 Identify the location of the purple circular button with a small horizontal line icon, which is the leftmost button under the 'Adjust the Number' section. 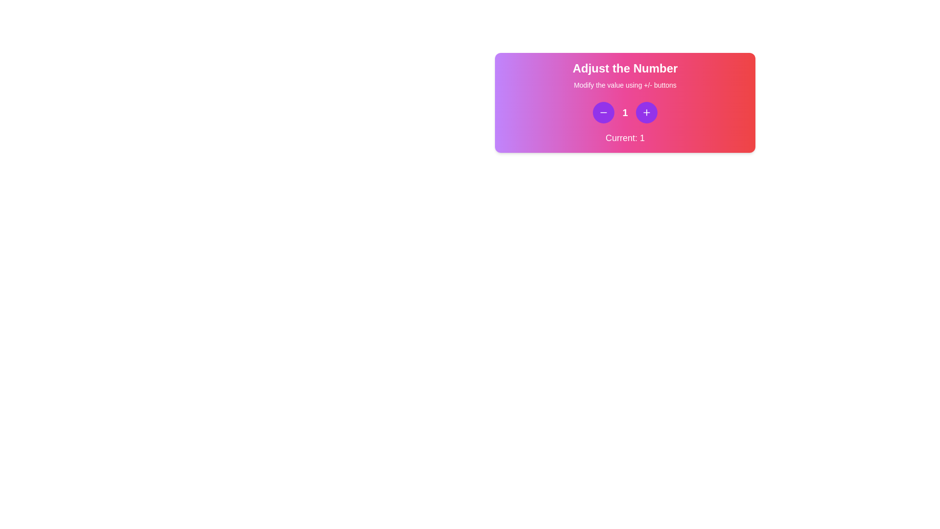
(603, 112).